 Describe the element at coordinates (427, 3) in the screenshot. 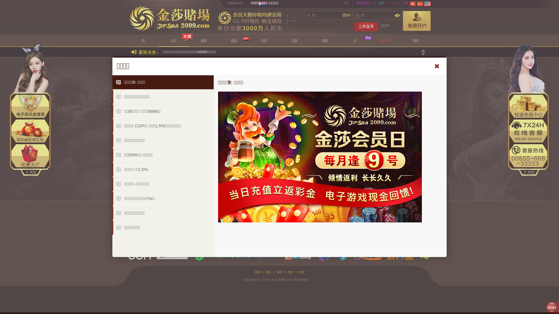

I see `'English'` at that location.